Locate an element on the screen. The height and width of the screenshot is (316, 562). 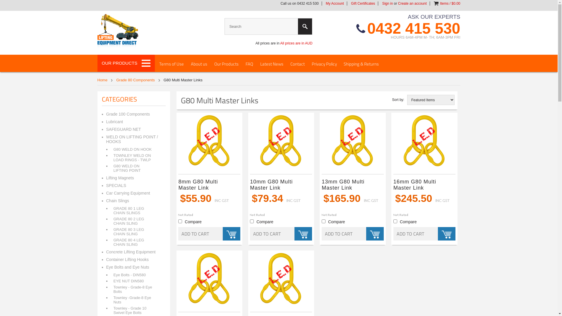
'Gift Certificates' is located at coordinates (362, 3).